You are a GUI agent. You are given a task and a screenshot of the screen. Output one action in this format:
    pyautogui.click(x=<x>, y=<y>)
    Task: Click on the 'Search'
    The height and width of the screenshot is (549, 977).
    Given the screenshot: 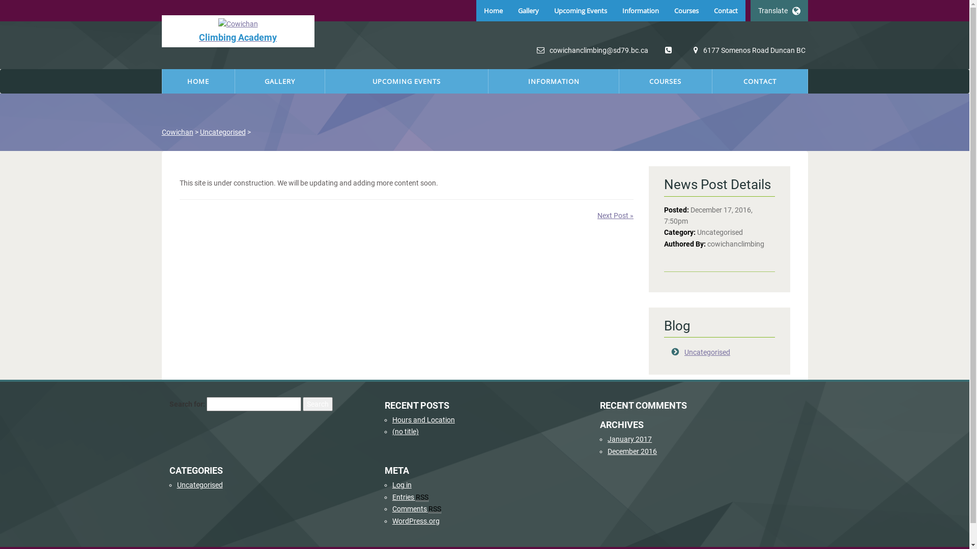 What is the action you would take?
    pyautogui.click(x=317, y=403)
    